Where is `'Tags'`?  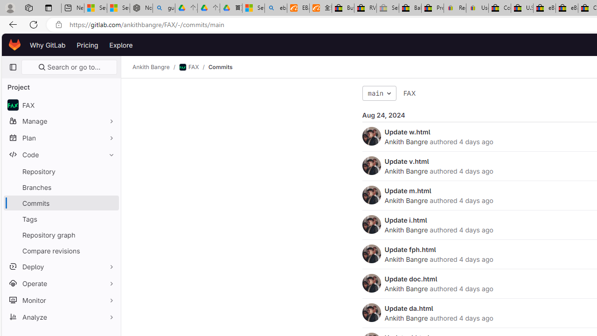 'Tags' is located at coordinates (61, 219).